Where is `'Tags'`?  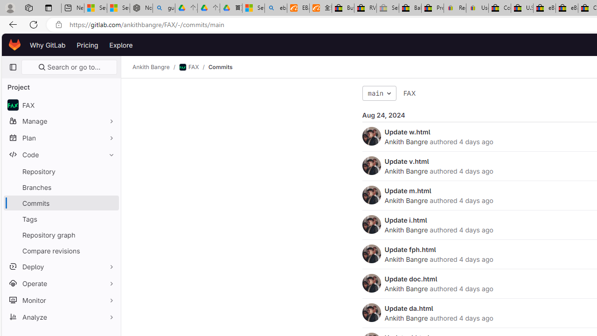 'Tags' is located at coordinates (61, 219).